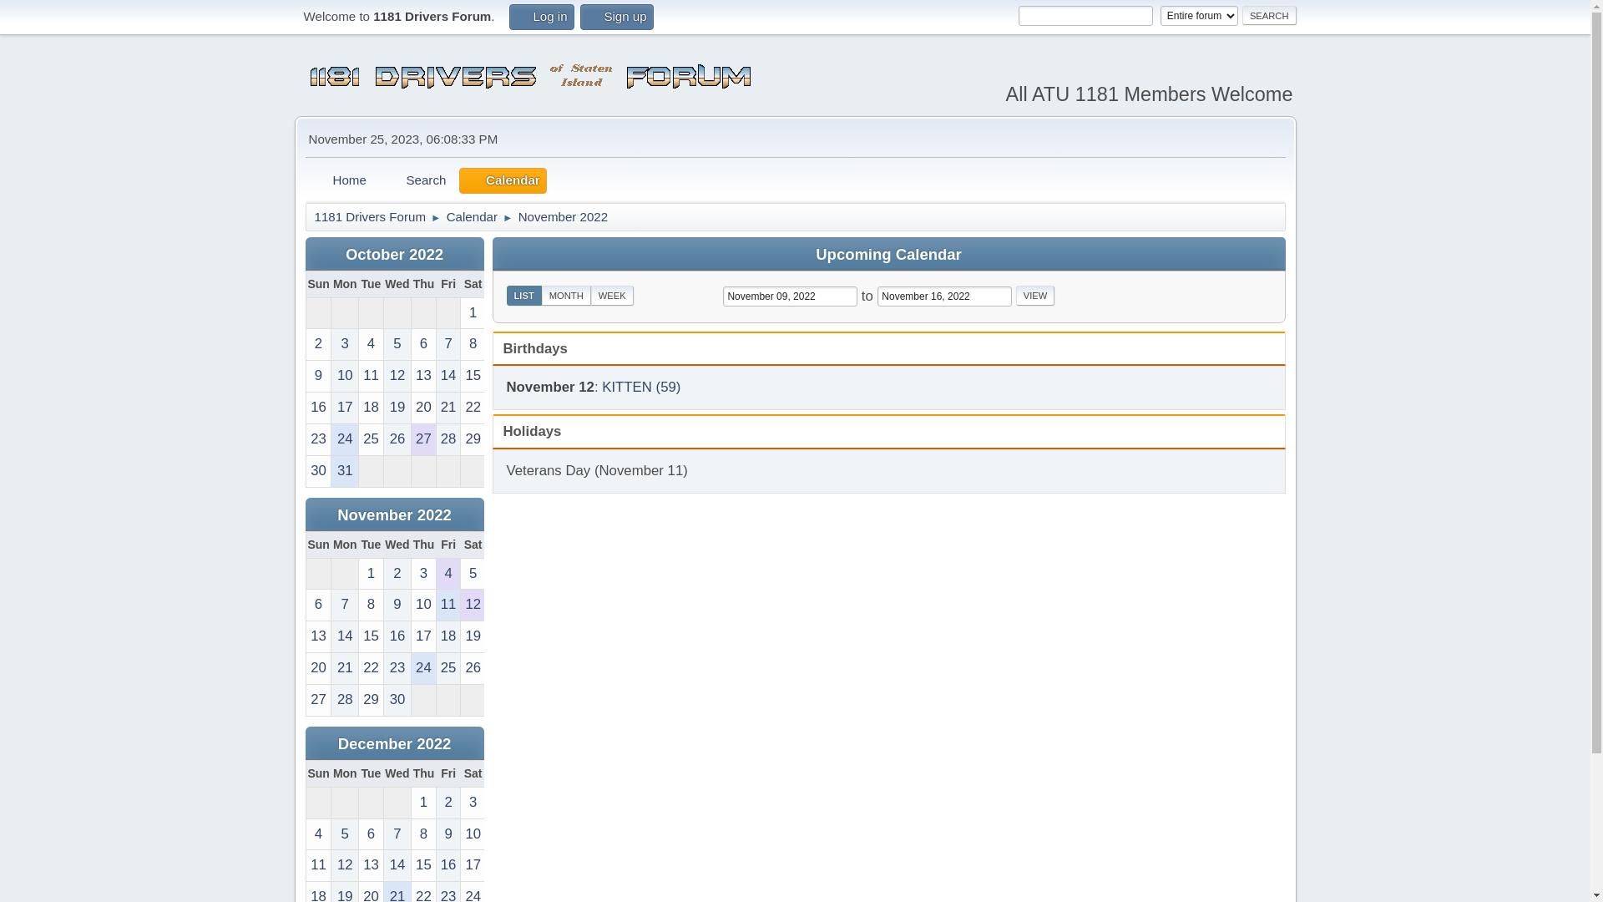  What do you see at coordinates (448, 605) in the screenshot?
I see `'11'` at bounding box center [448, 605].